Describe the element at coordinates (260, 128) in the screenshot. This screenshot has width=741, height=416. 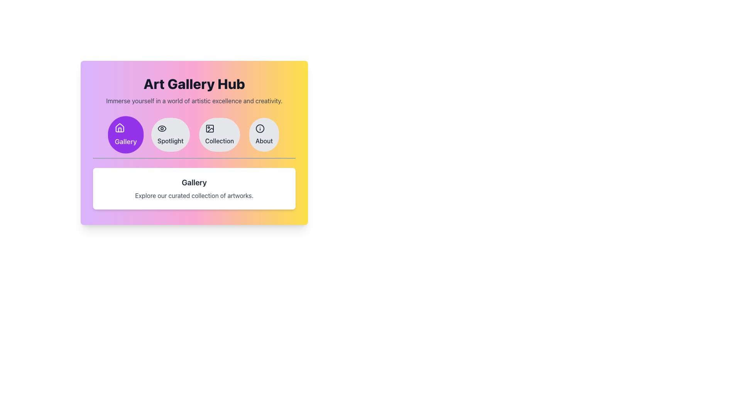
I see `the 'Info' icon located at the center of the 'About' button, which is part of a horizontal layout of four buttons` at that location.